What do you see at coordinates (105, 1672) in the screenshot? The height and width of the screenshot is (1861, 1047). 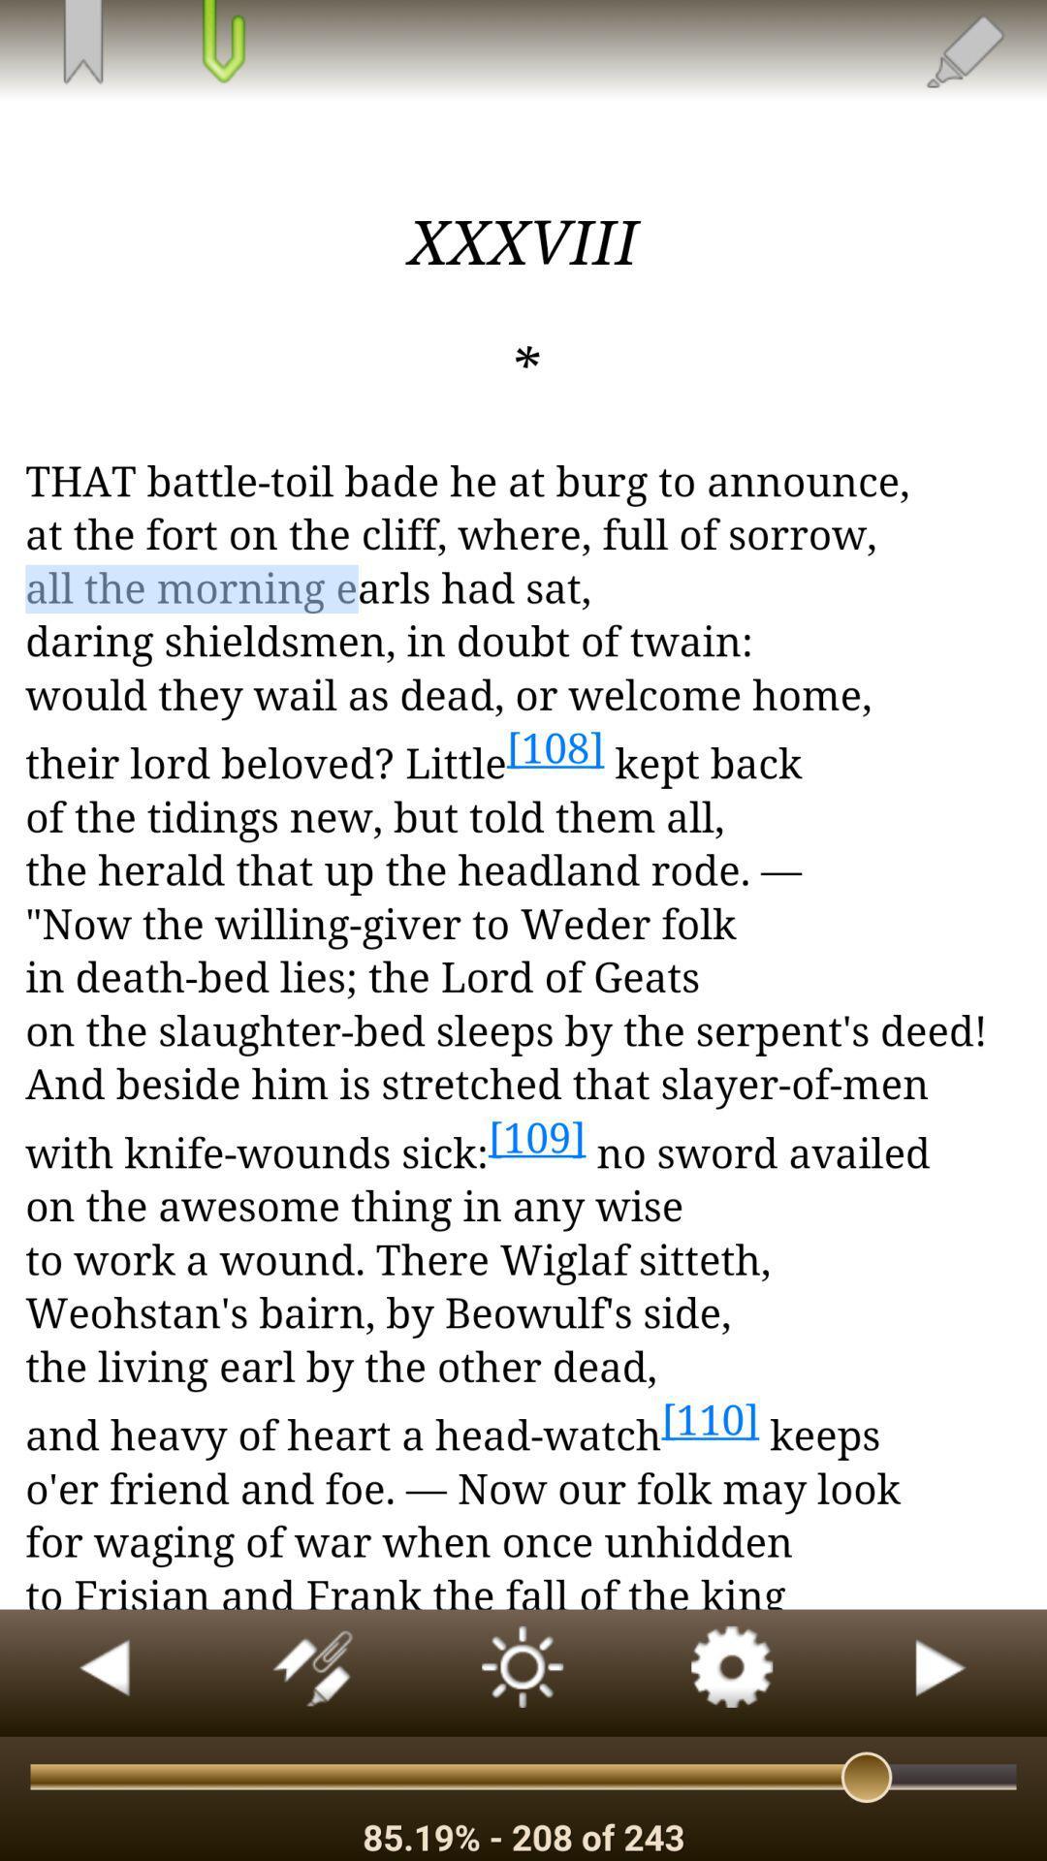 I see `go back` at bounding box center [105, 1672].